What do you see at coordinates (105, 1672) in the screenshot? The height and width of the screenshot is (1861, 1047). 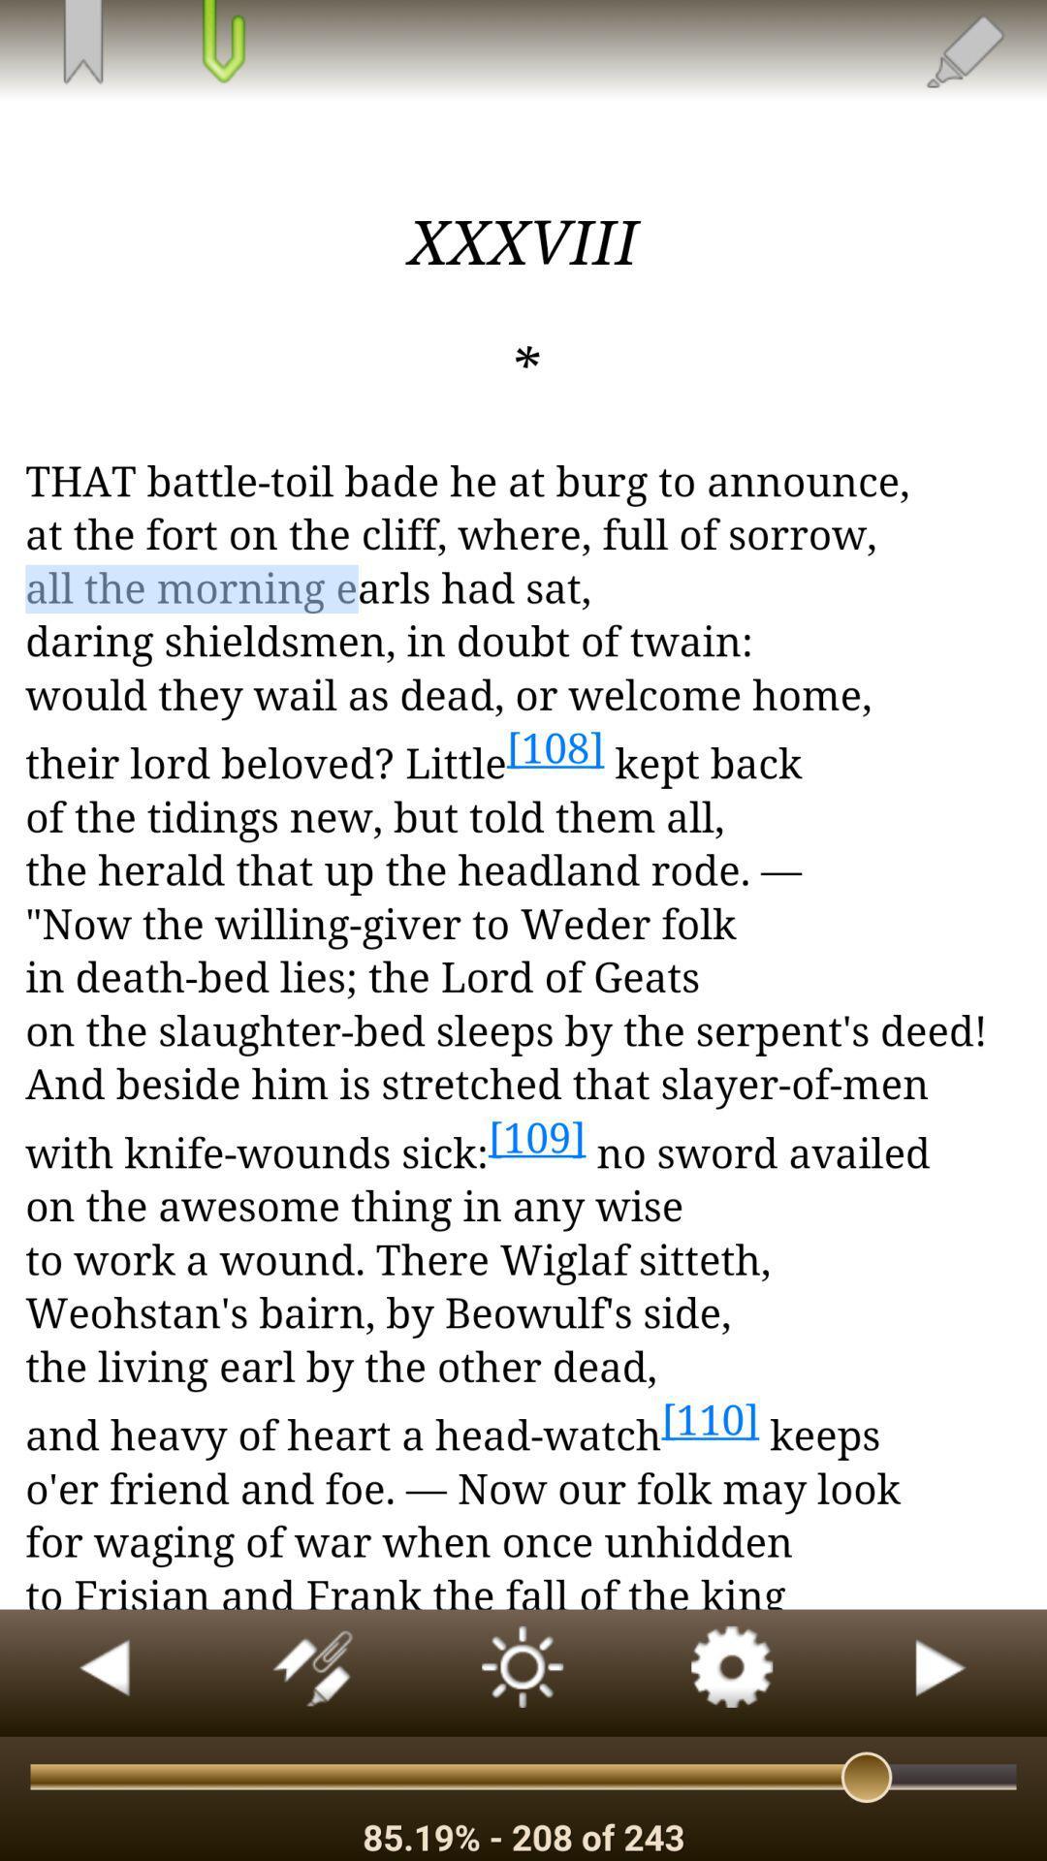 I see `go back` at bounding box center [105, 1672].